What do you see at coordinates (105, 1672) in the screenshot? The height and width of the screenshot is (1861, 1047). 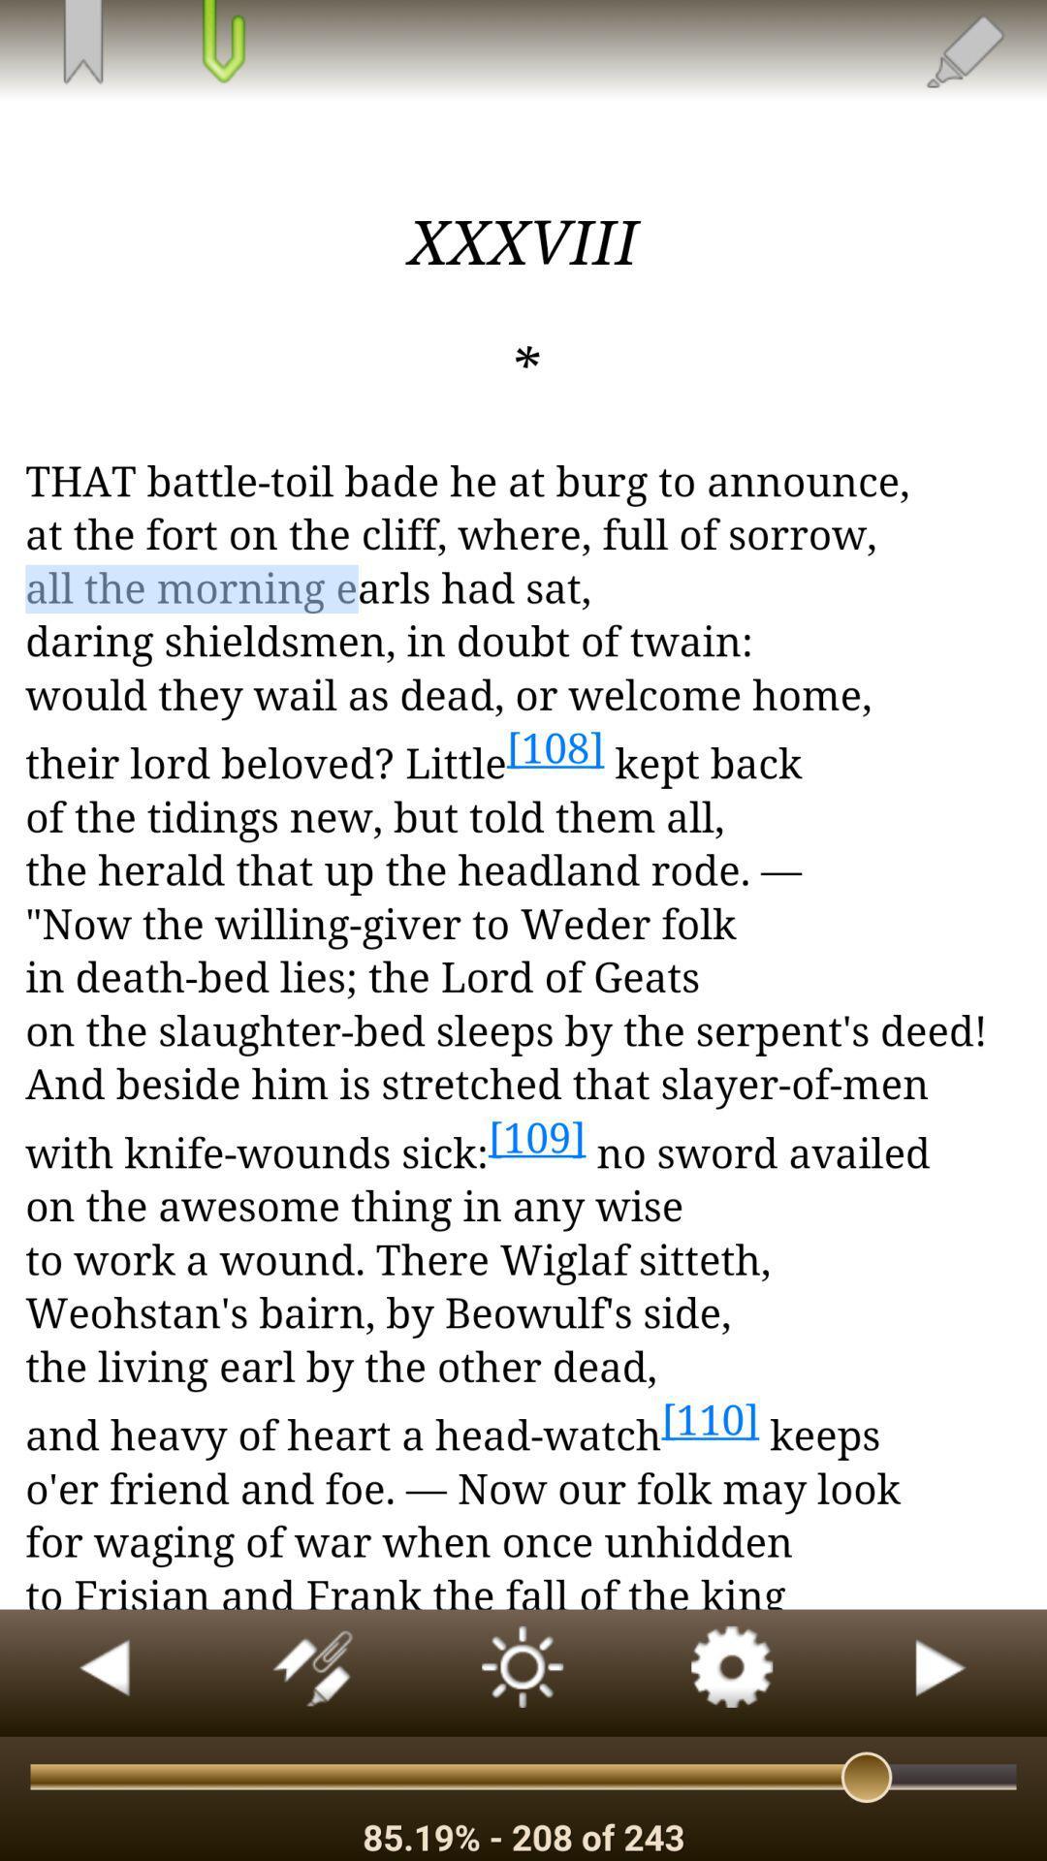 I see `go back` at bounding box center [105, 1672].